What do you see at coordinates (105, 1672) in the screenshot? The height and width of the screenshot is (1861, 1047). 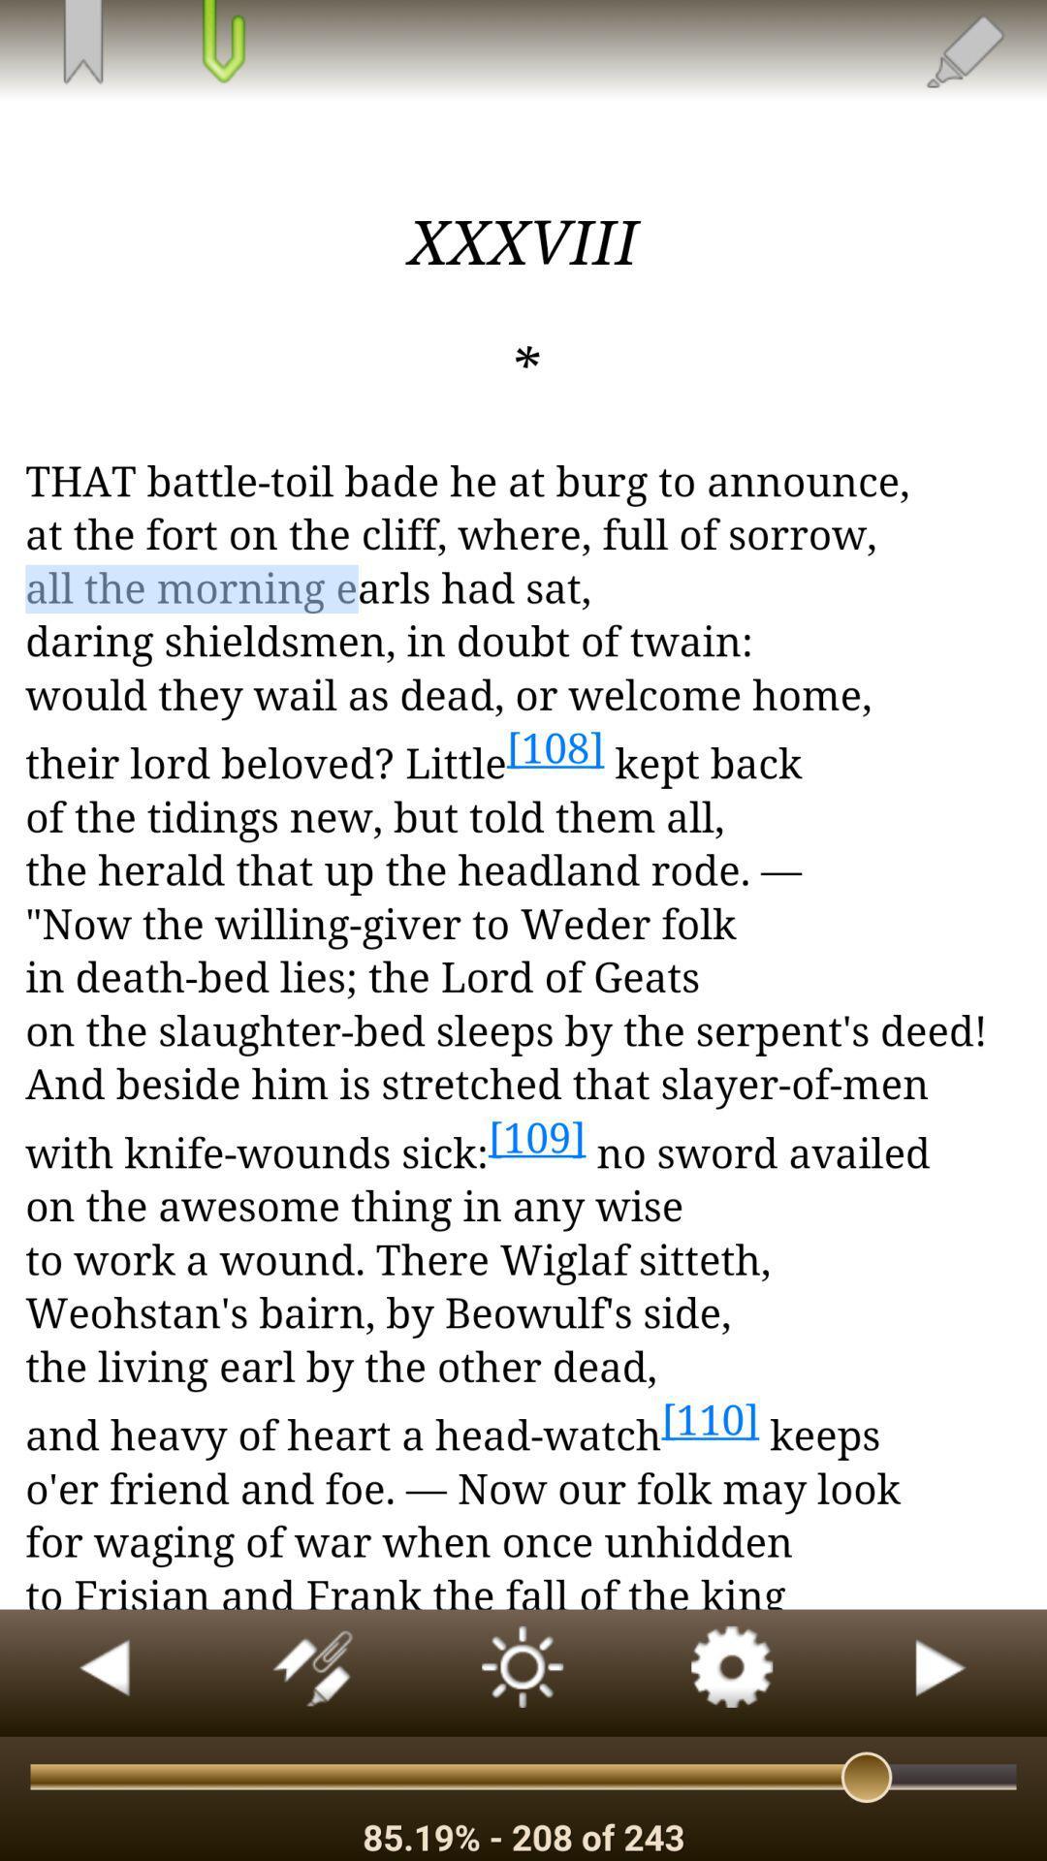 I see `go back` at bounding box center [105, 1672].